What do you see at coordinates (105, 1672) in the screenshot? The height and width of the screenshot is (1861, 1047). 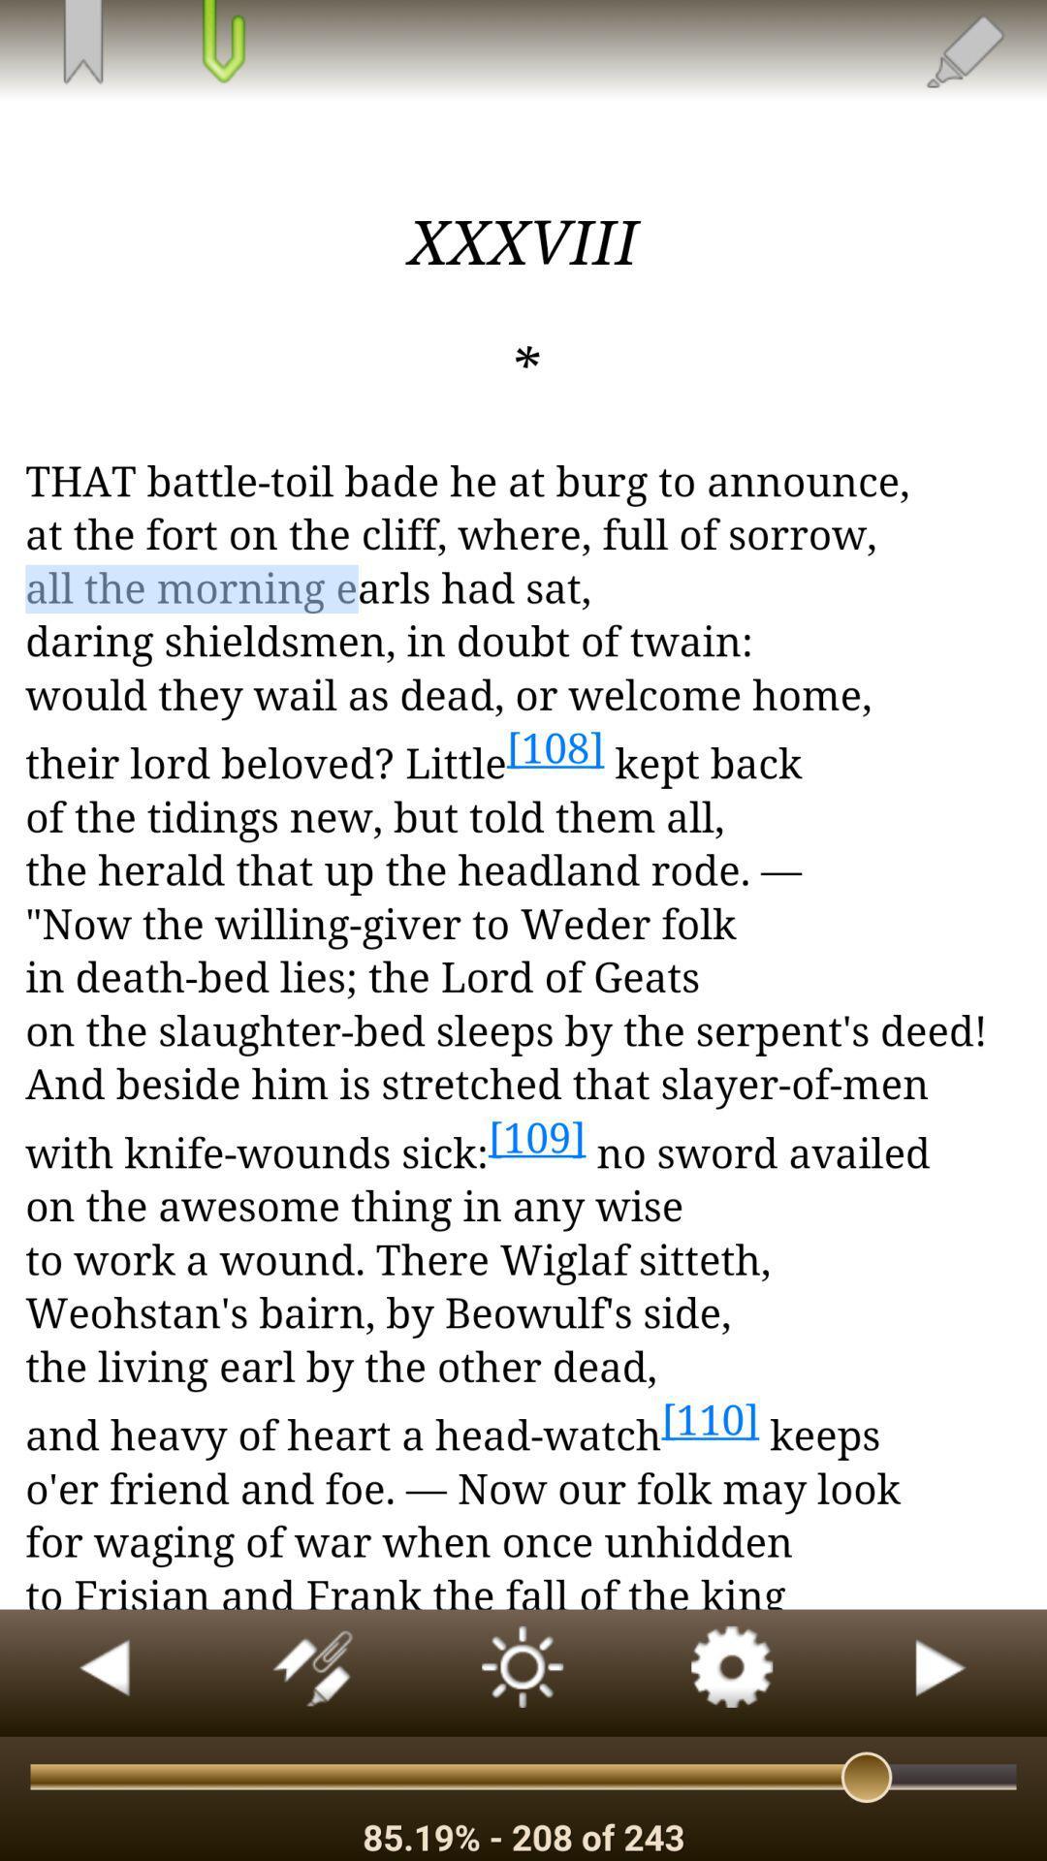 I see `go back` at bounding box center [105, 1672].